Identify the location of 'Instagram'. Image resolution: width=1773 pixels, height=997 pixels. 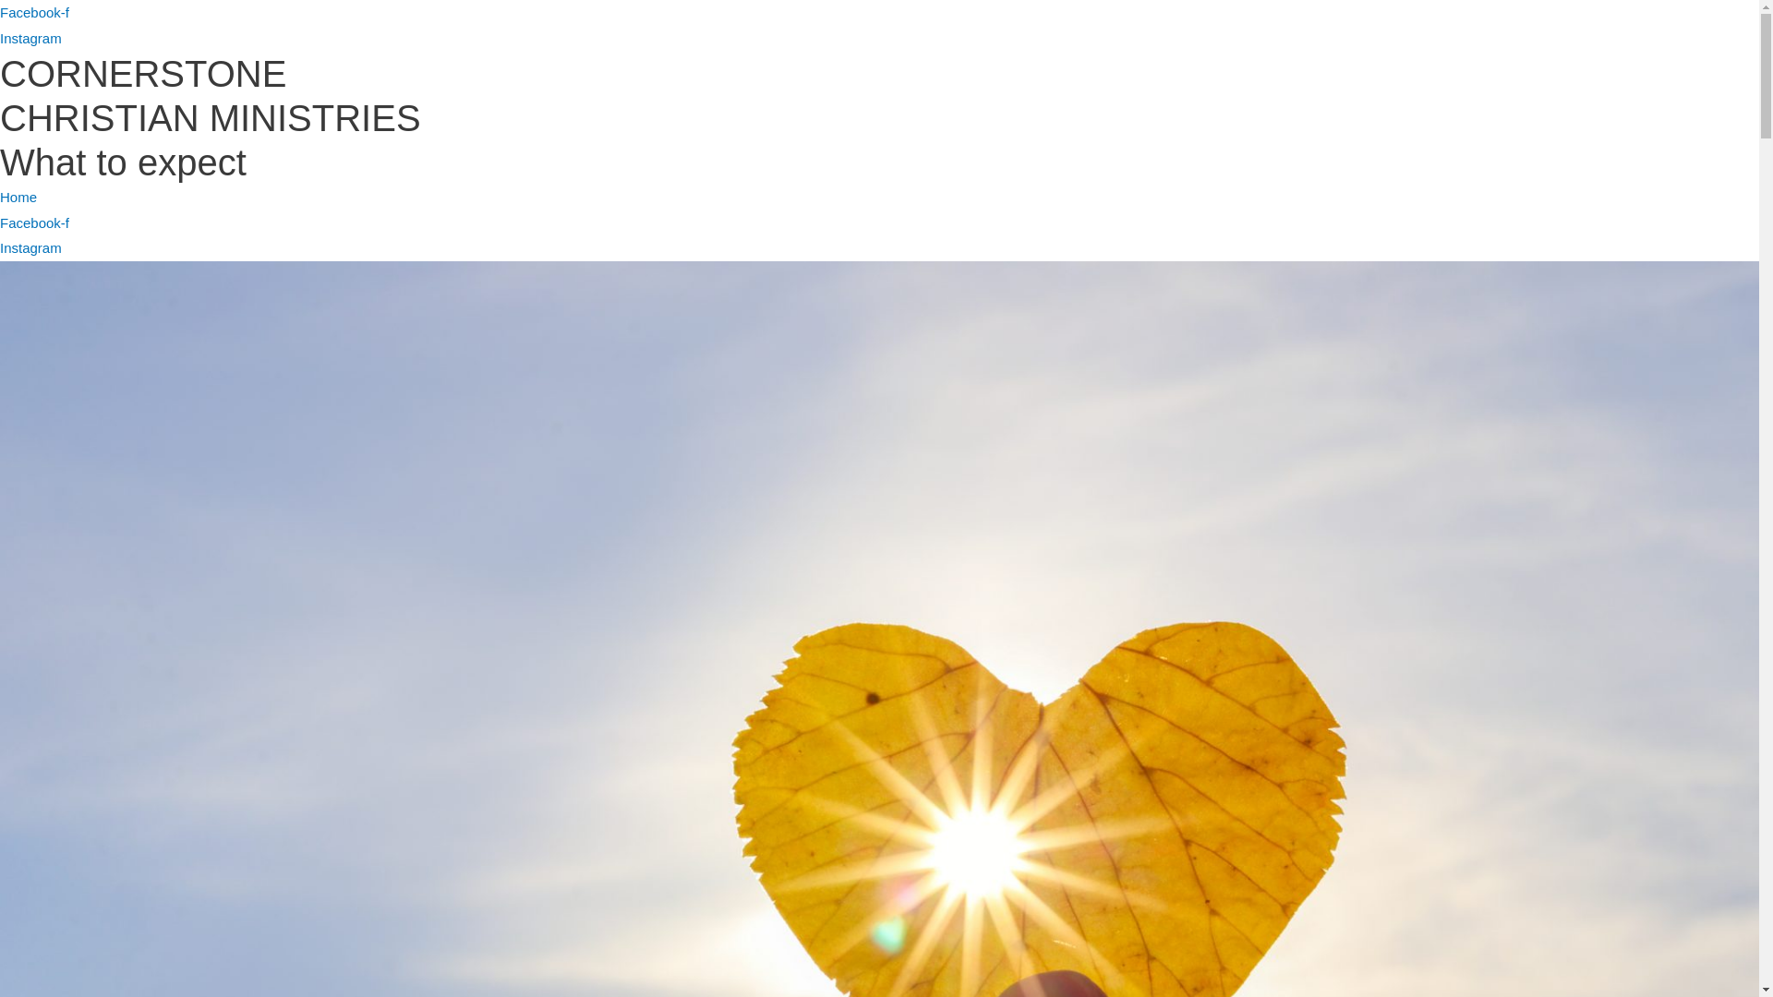
(30, 38).